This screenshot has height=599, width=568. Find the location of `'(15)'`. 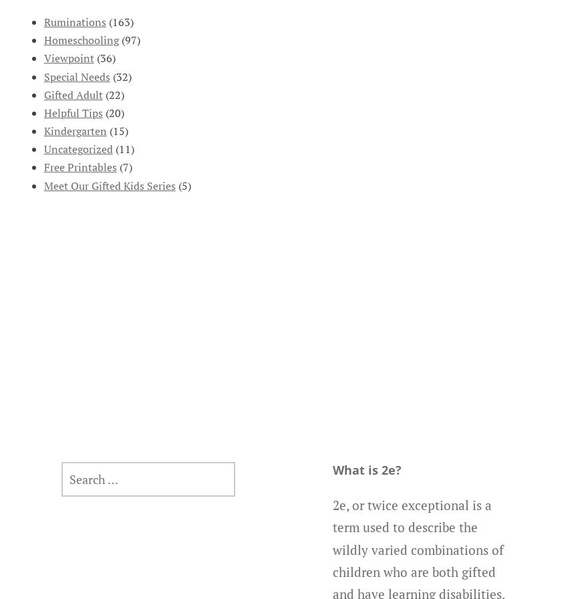

'(15)' is located at coordinates (106, 131).